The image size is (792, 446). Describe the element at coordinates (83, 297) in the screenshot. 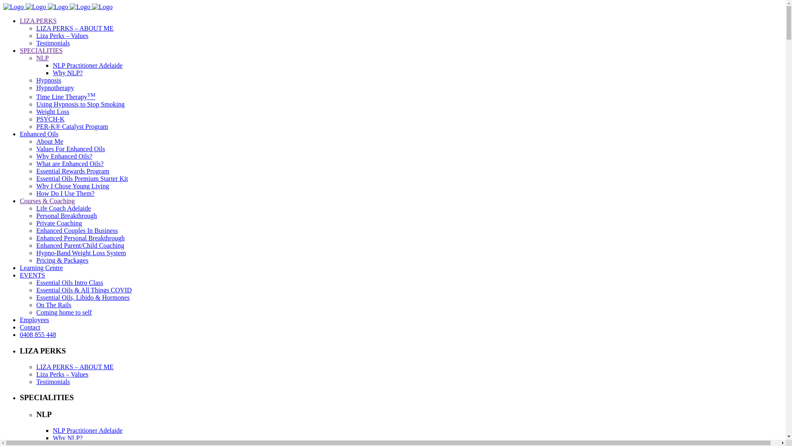

I see `'Essential Oils, Libido & Hormones'` at that location.